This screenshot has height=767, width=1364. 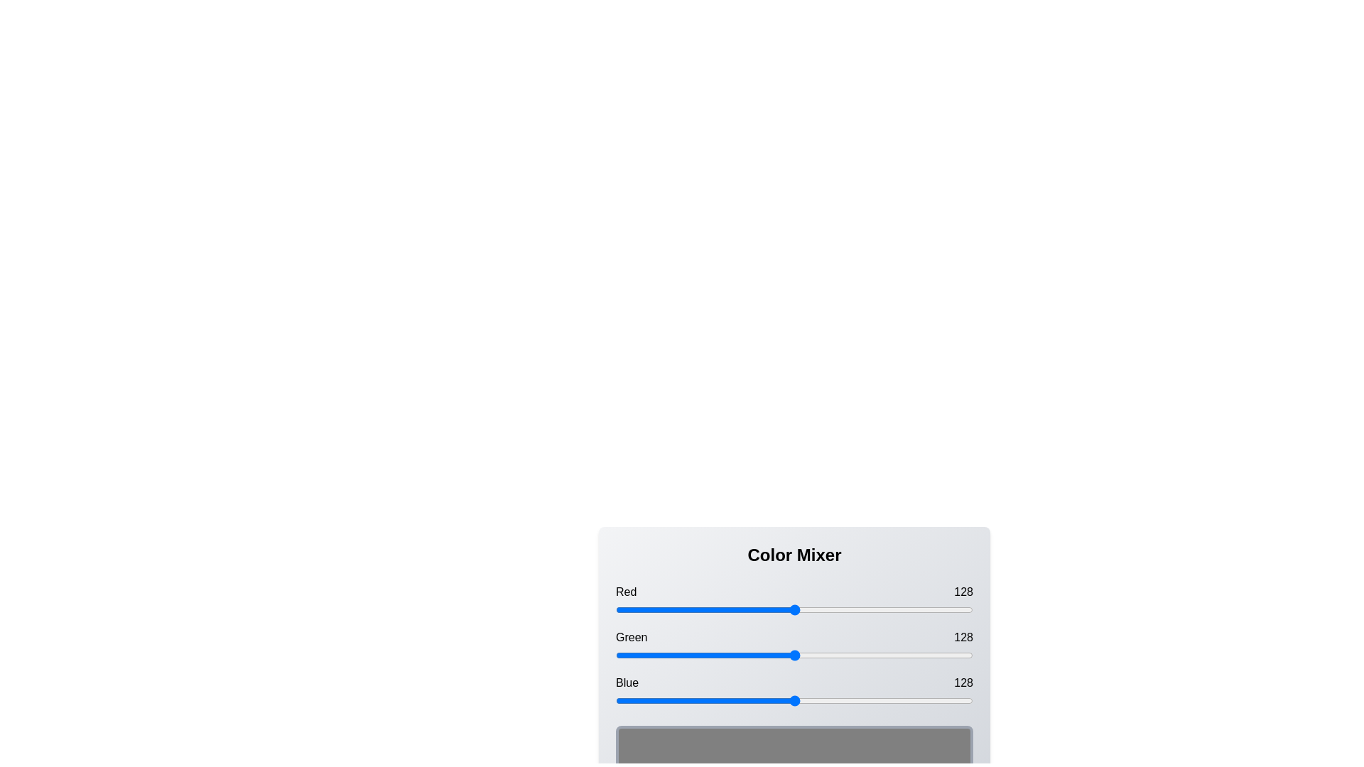 What do you see at coordinates (963, 655) in the screenshot?
I see `the green slider to set its value to 248` at bounding box center [963, 655].